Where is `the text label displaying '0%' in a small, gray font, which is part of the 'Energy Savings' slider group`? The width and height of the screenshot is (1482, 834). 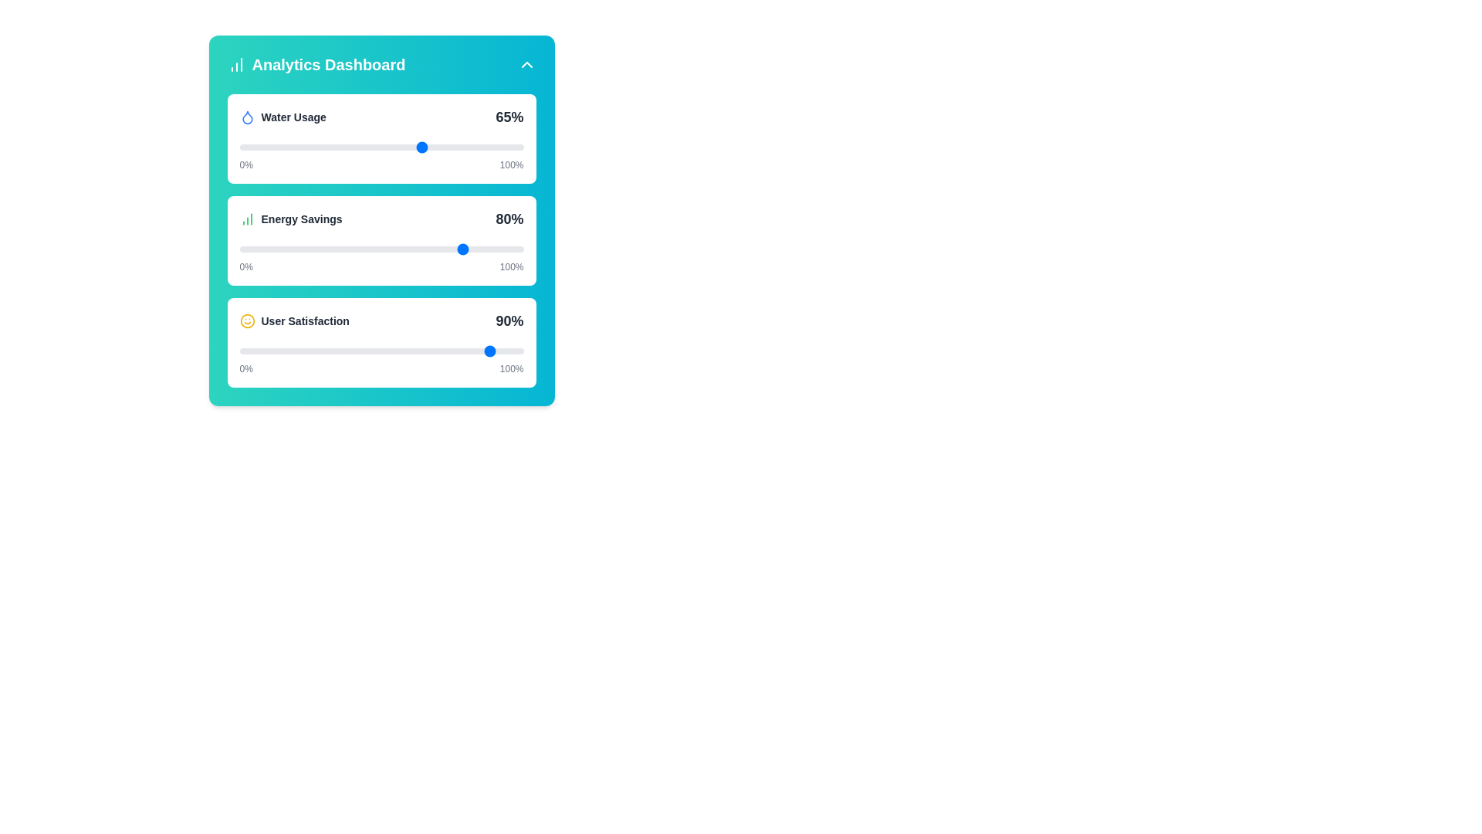 the text label displaying '0%' in a small, gray font, which is part of the 'Energy Savings' slider group is located at coordinates (245, 266).